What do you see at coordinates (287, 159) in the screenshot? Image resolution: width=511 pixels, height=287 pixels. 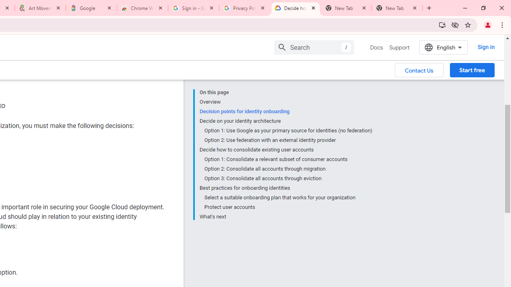 I see `'Option 1: Consolidate a relevant subset of consumer accounts'` at bounding box center [287, 159].